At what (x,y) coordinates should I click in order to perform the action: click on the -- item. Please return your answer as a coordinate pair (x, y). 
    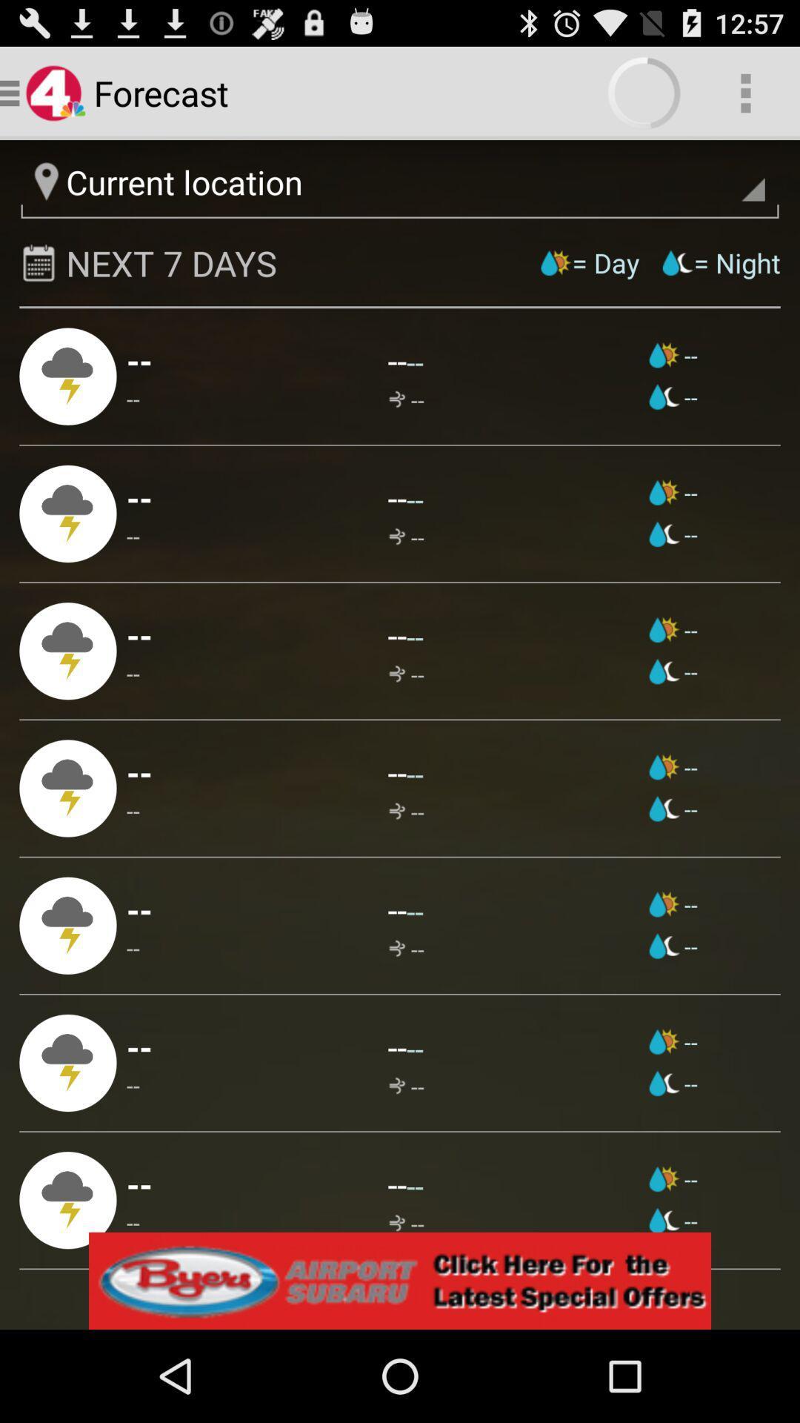
    Looking at the image, I should click on (133, 809).